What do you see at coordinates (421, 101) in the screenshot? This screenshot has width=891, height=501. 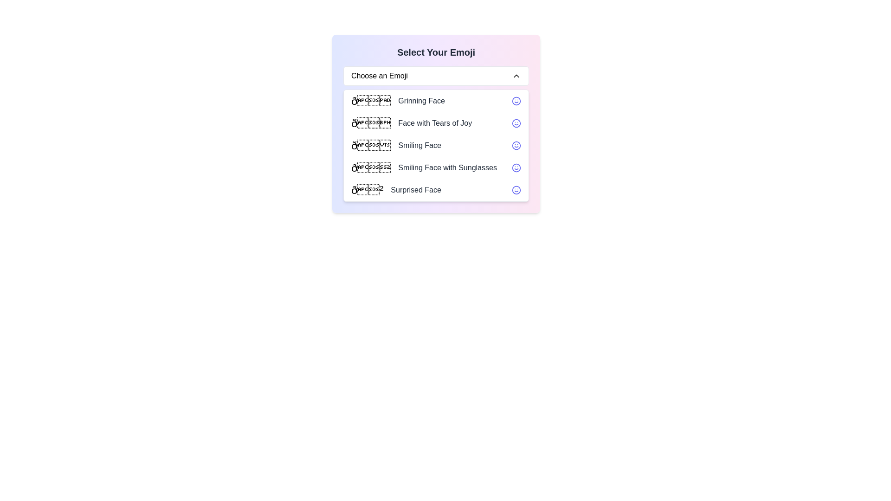 I see `the 'Grinning Face' label in the emoji selection list, which is styled with a medium gray font and positioned to the right of the corresponding emoji icon` at bounding box center [421, 101].